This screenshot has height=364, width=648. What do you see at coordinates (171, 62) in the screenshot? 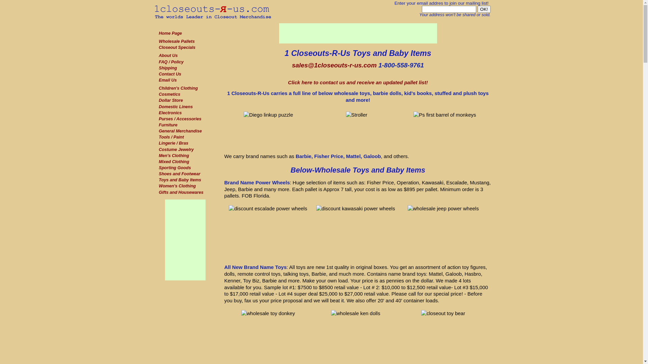
I see `'FAQ / Policy'` at bounding box center [171, 62].